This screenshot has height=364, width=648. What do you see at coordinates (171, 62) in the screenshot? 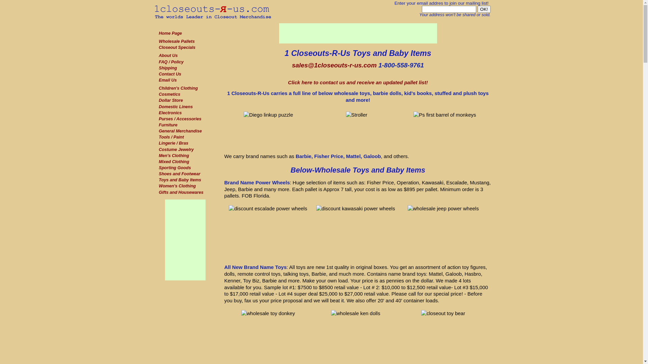
I see `'FAQ / Policy'` at bounding box center [171, 62].